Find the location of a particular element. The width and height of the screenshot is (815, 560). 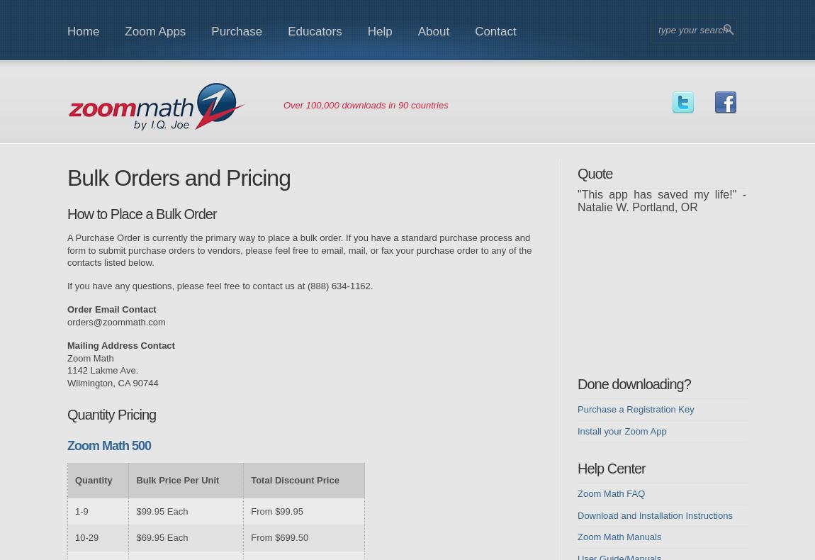

'Download and Installation Instructions' is located at coordinates (655, 515).